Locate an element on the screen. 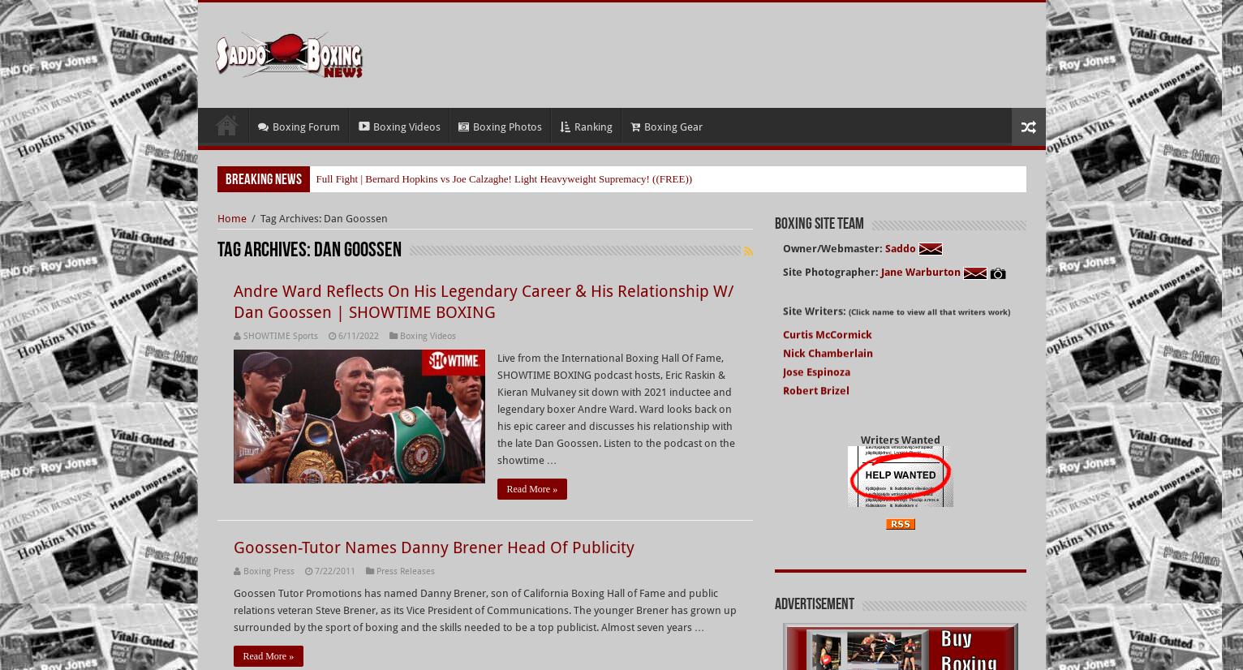  'Tag Archives: Dan Goossen' is located at coordinates (323, 217).